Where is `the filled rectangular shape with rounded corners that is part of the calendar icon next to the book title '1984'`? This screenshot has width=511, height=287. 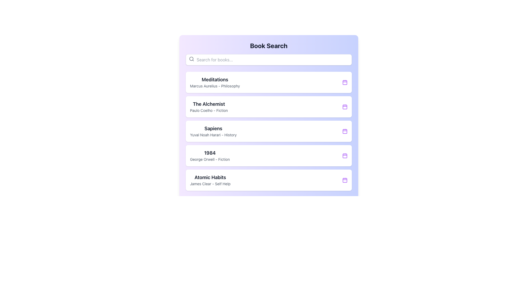 the filled rectangular shape with rounded corners that is part of the calendar icon next to the book title '1984' is located at coordinates (345, 155).